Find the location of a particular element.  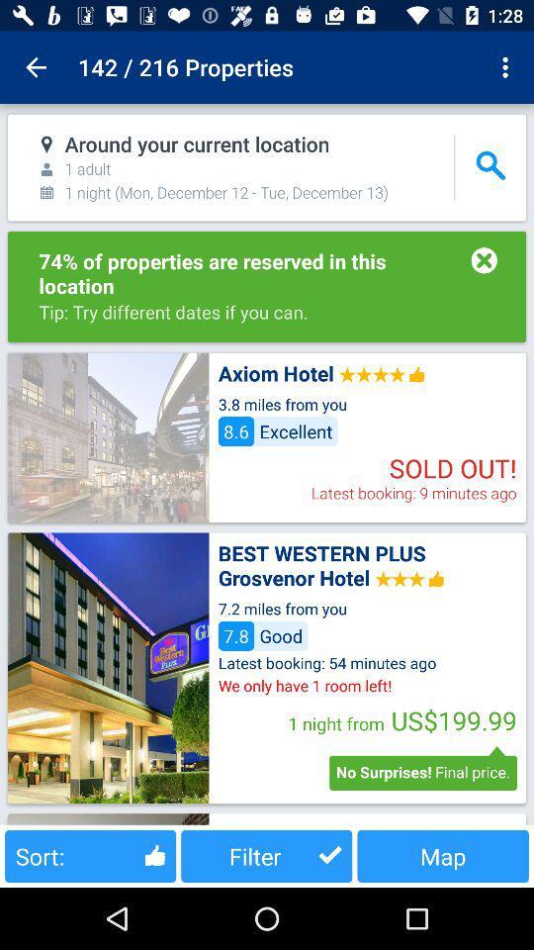

picture is located at coordinates (108, 437).